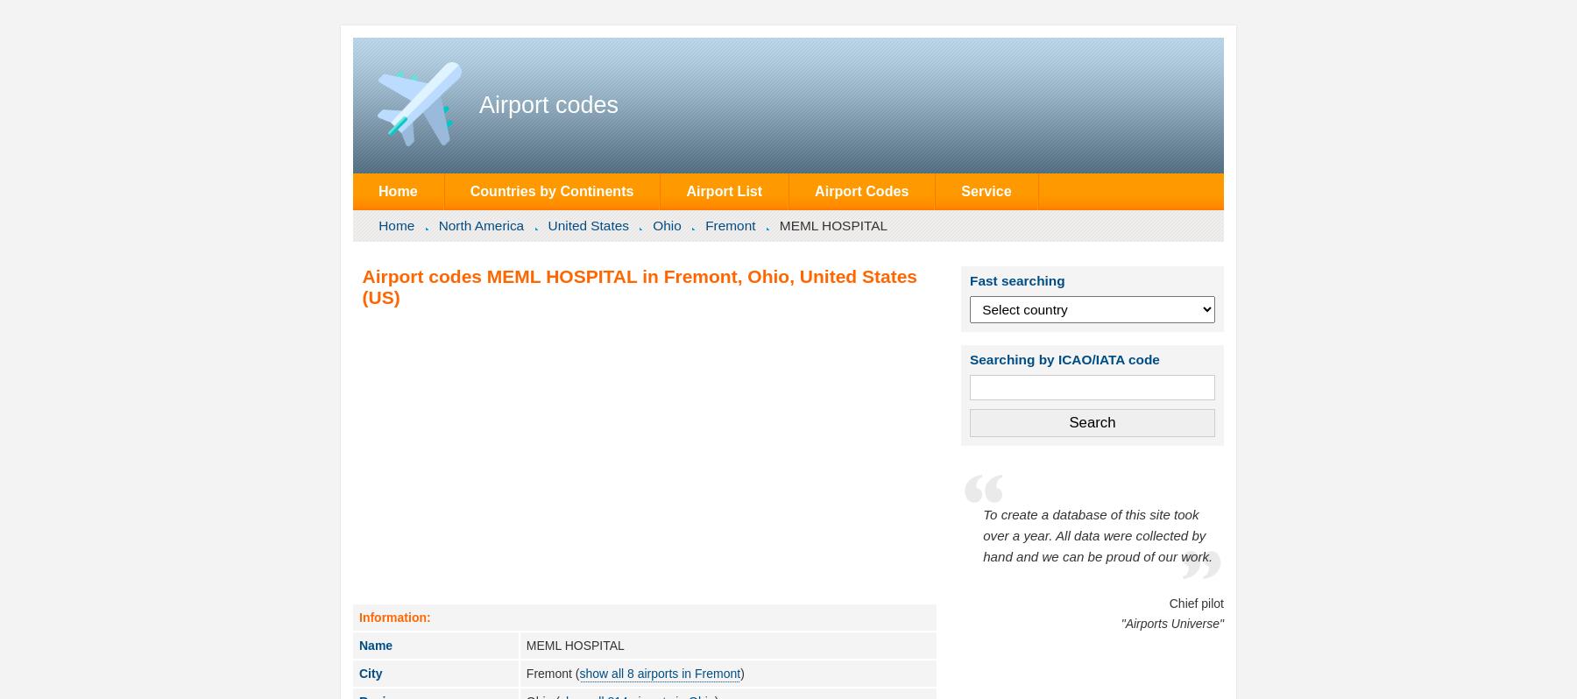  What do you see at coordinates (970, 357) in the screenshot?
I see `'Searching by ICAO/IATA code'` at bounding box center [970, 357].